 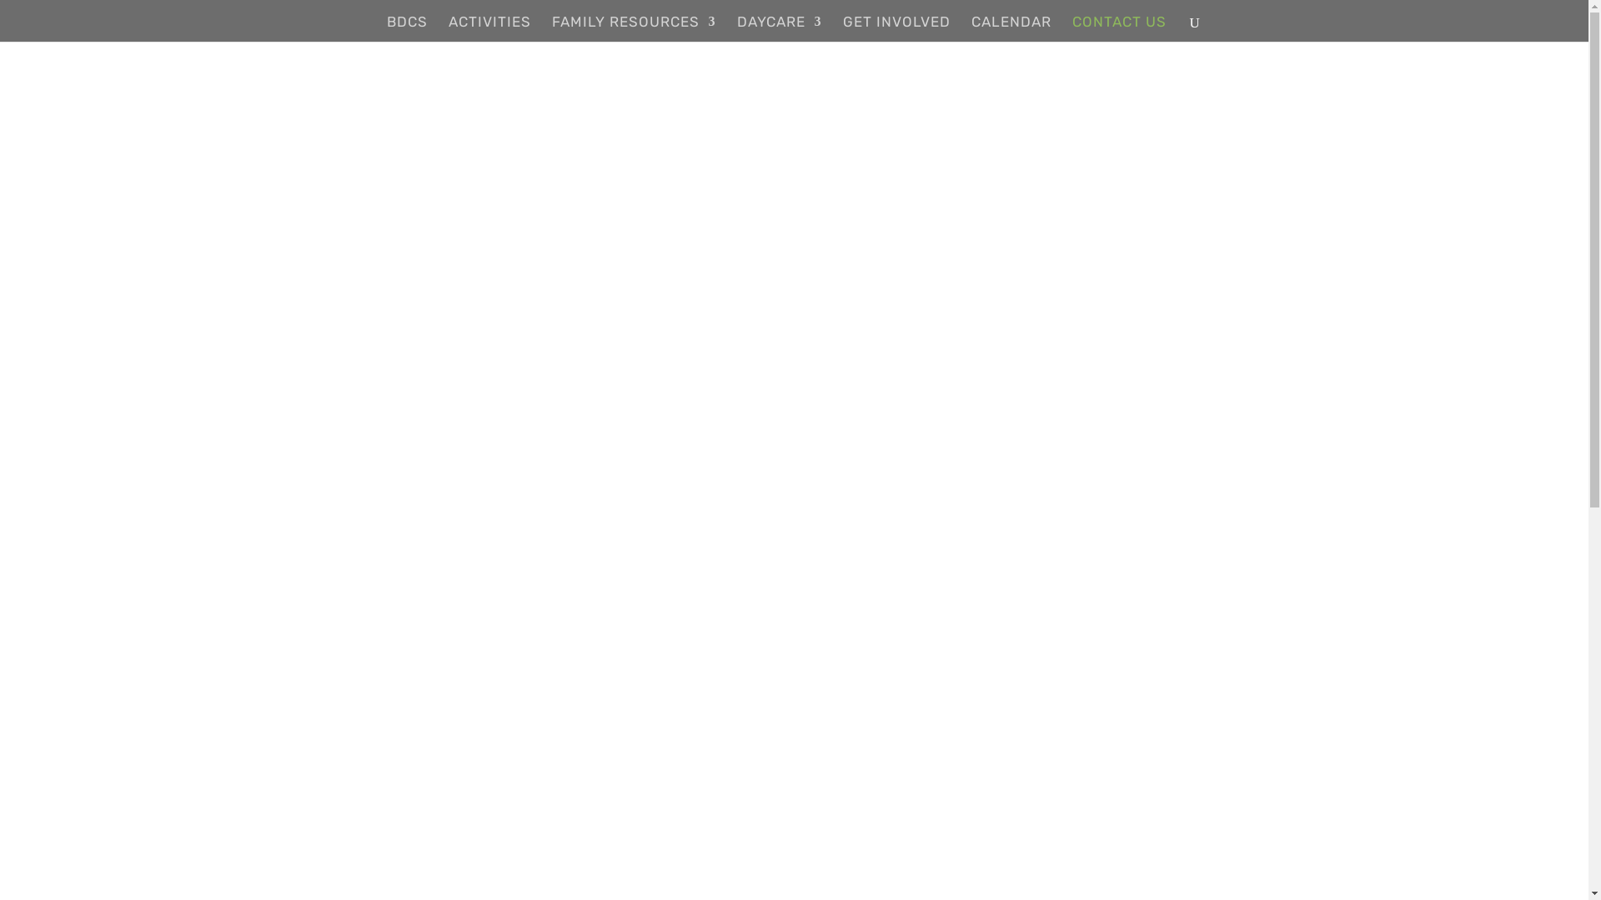 What do you see at coordinates (895, 28) in the screenshot?
I see `'GET INVOLVED'` at bounding box center [895, 28].